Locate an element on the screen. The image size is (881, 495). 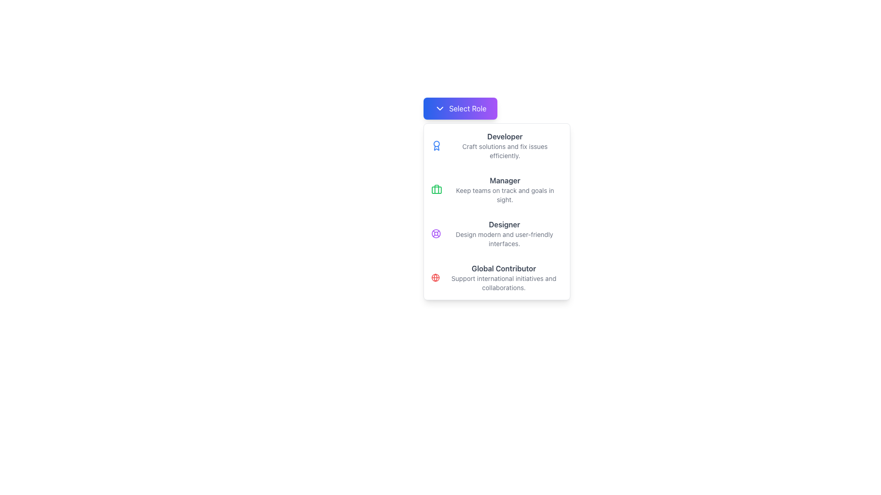
the text label displaying 'Developer' which is styled in bold dark gray and positioned at the top of the role list card is located at coordinates (504, 136).